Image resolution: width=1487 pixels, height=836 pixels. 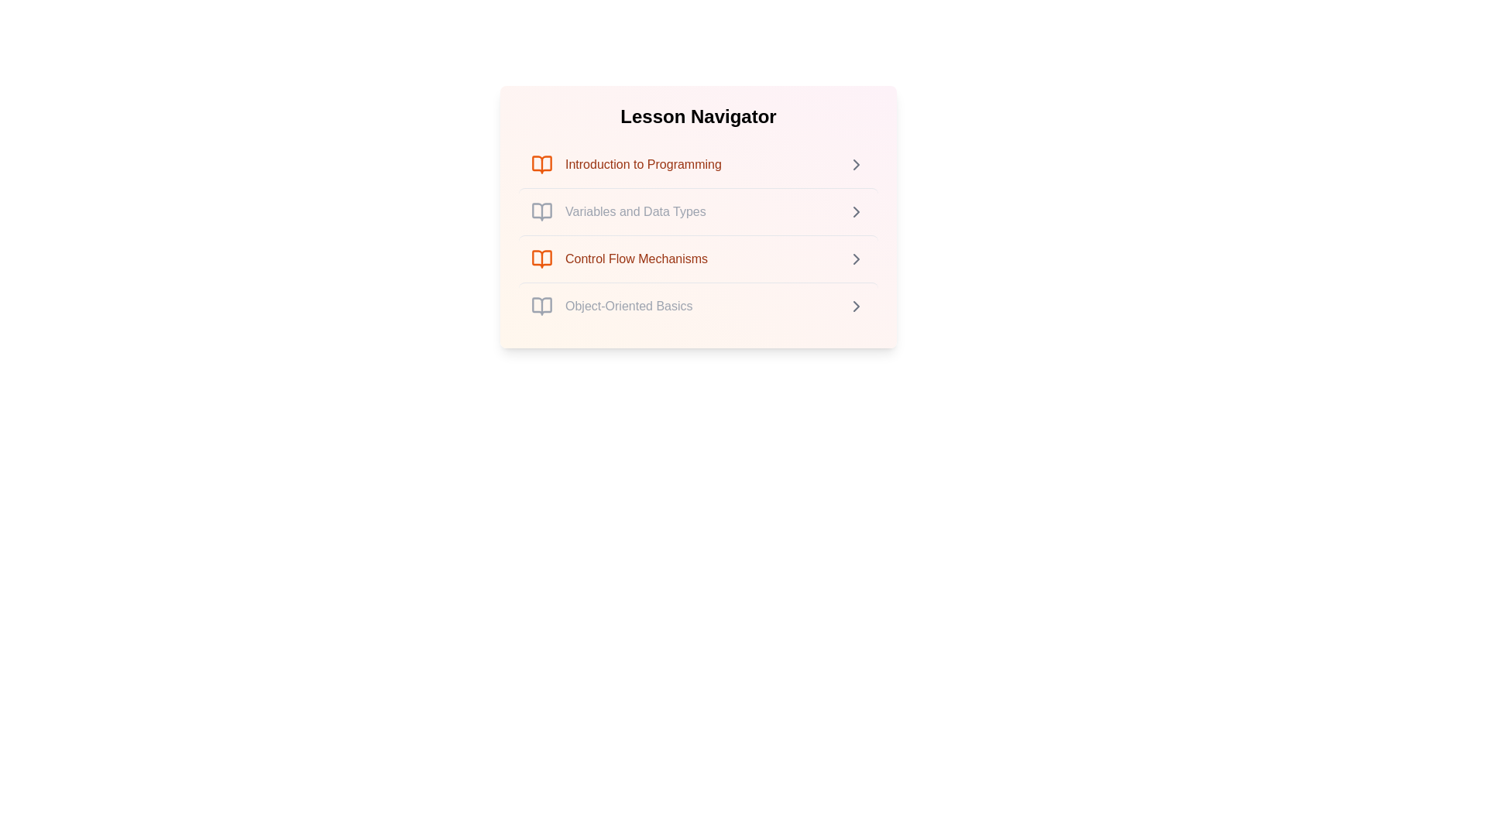 I want to click on the icon representing the lesson titled 'Object-Oriented Basics', so click(x=542, y=307).